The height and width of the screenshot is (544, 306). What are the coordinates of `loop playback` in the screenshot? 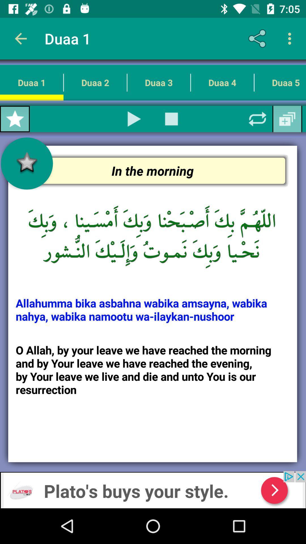 It's located at (258, 119).